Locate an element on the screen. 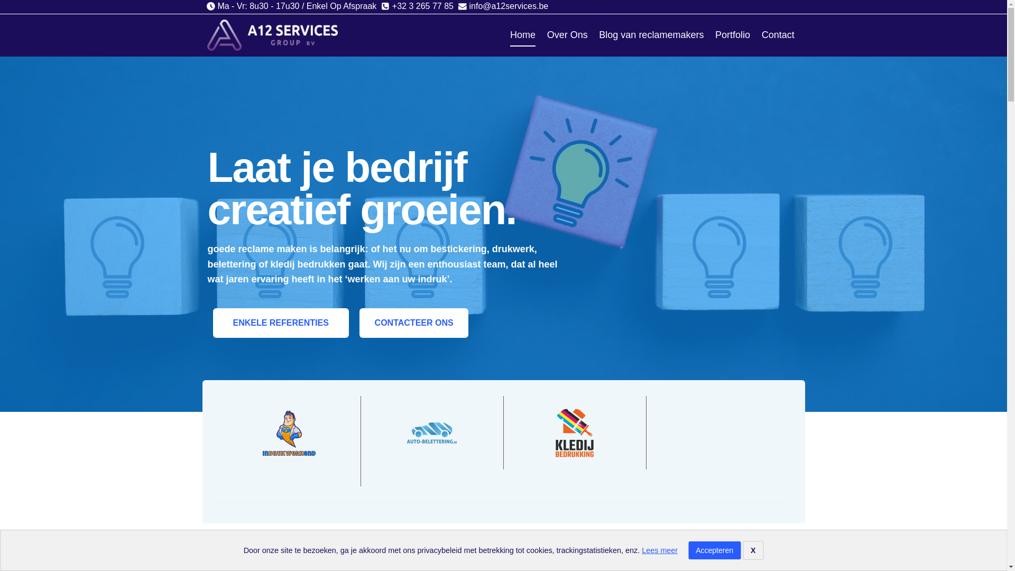 The image size is (1015, 571). 'ENKELE REFERENTIES' is located at coordinates (280, 322).